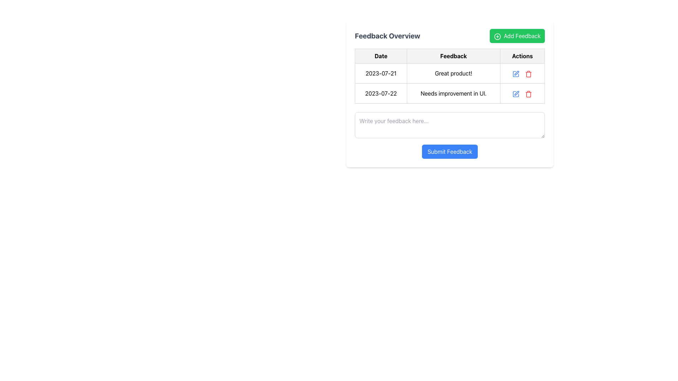  Describe the element at coordinates (381, 93) in the screenshot. I see `the table cell displaying the date '2023-07-22' which is styled with a white background and a thin gray border, located in the second row under the 'Date' column` at that location.